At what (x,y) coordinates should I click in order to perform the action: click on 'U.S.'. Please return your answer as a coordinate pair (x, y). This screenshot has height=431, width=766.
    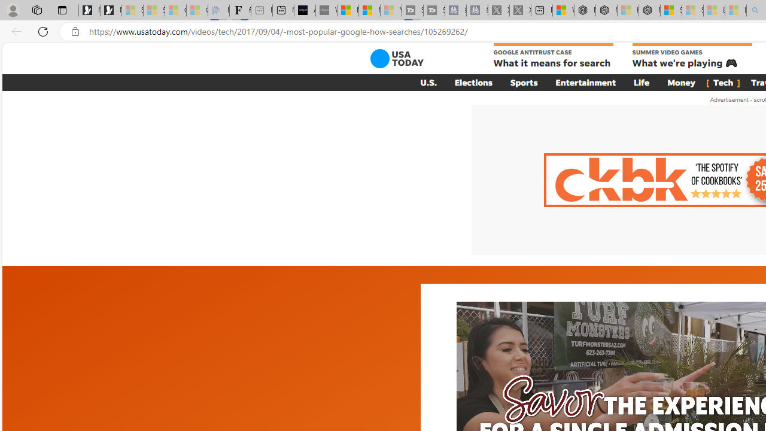
    Looking at the image, I should click on (428, 81).